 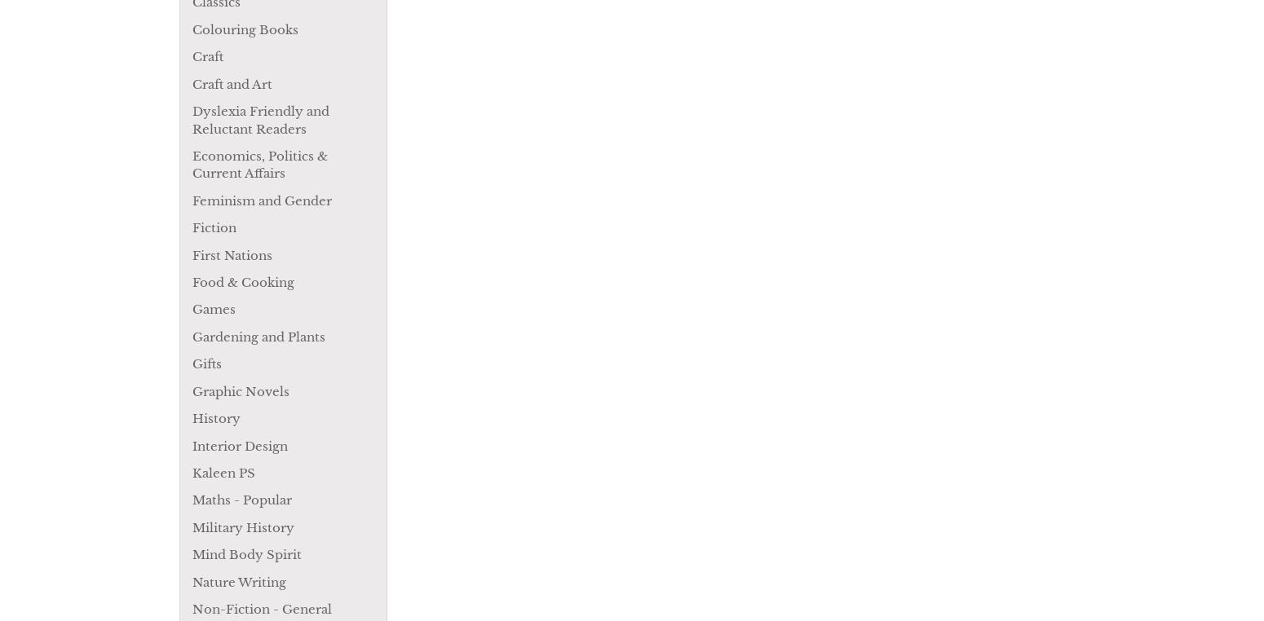 I want to click on 'Craft', so click(x=207, y=56).